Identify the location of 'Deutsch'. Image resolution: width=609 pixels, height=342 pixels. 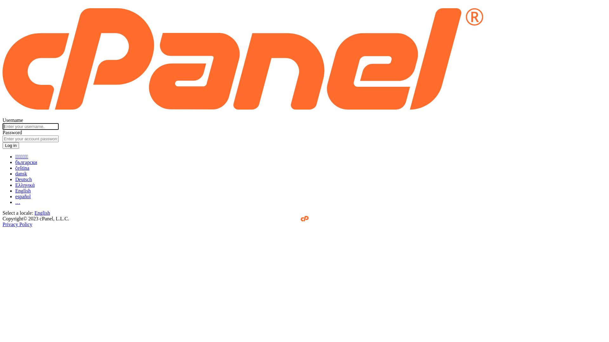
(23, 179).